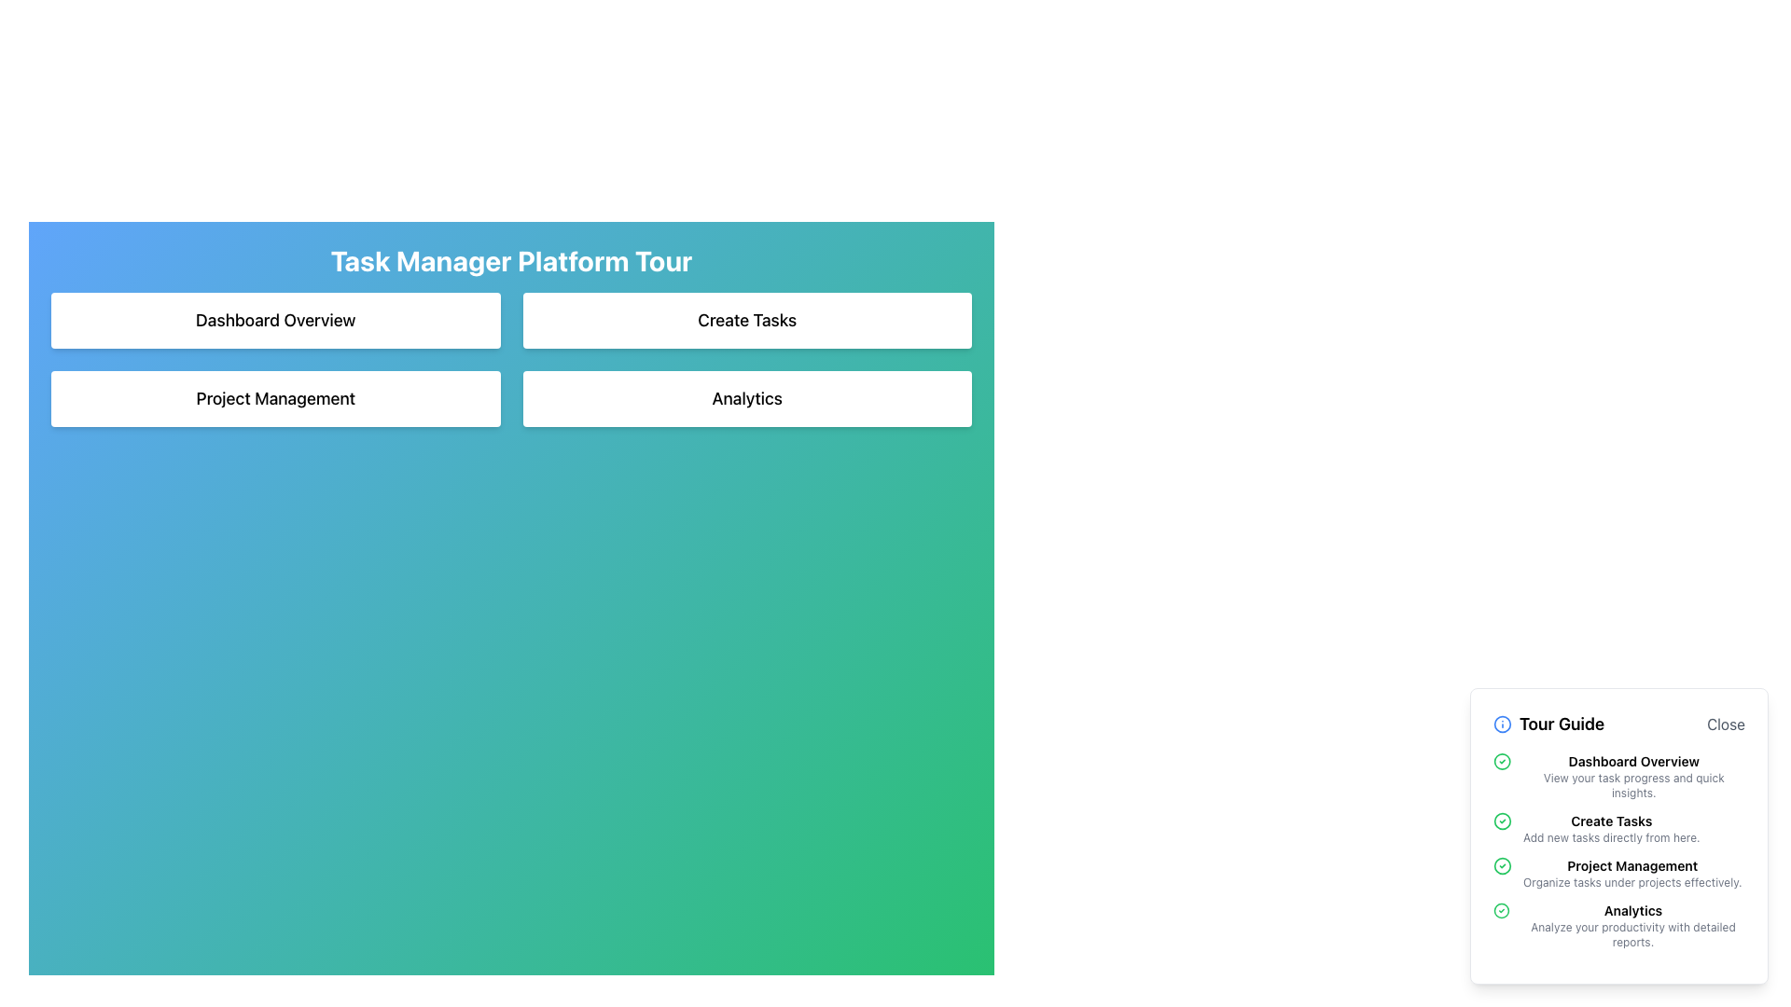 The image size is (1791, 1007). What do you see at coordinates (1502, 762) in the screenshot?
I see `the green circular component of the SVG Circle located beside the 'Dashboard Overview' in the 'Tour Guide' section` at bounding box center [1502, 762].